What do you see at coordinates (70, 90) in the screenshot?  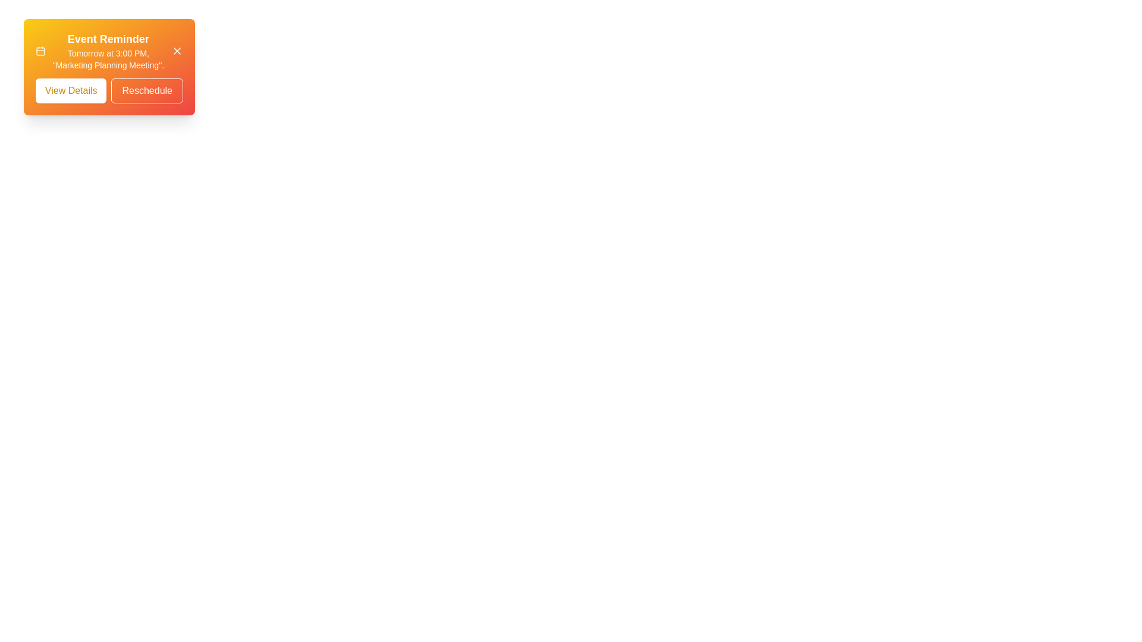 I see `the 'View Details' button to view event details` at bounding box center [70, 90].